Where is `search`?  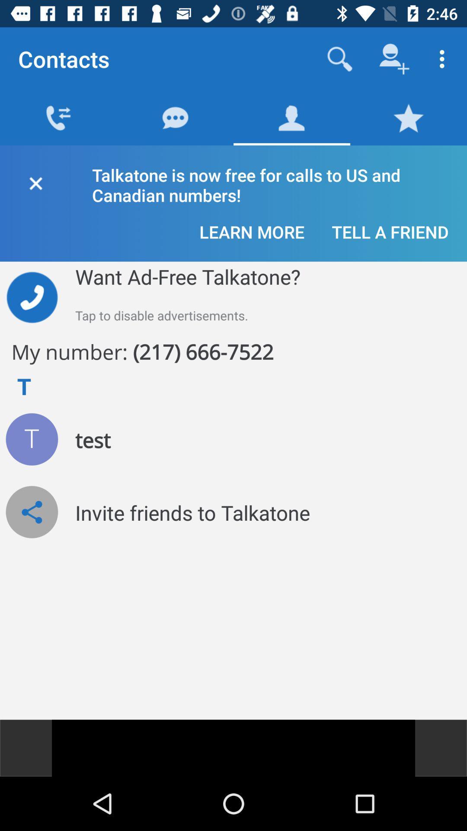
search is located at coordinates (339, 58).